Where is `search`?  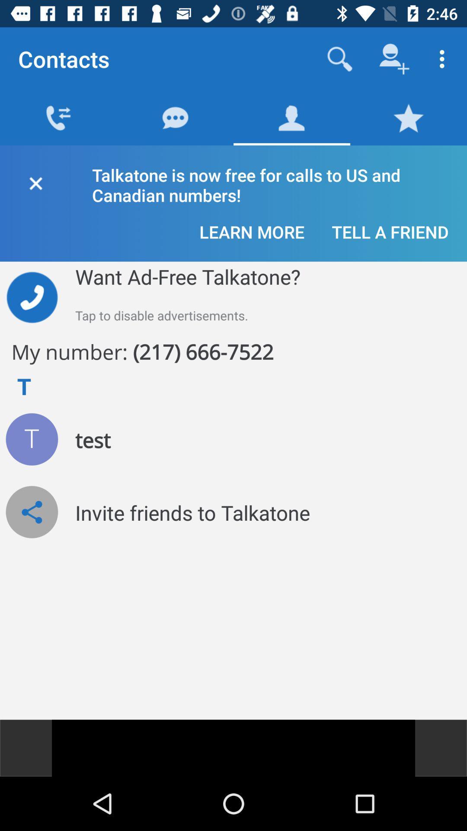
search is located at coordinates (339, 58).